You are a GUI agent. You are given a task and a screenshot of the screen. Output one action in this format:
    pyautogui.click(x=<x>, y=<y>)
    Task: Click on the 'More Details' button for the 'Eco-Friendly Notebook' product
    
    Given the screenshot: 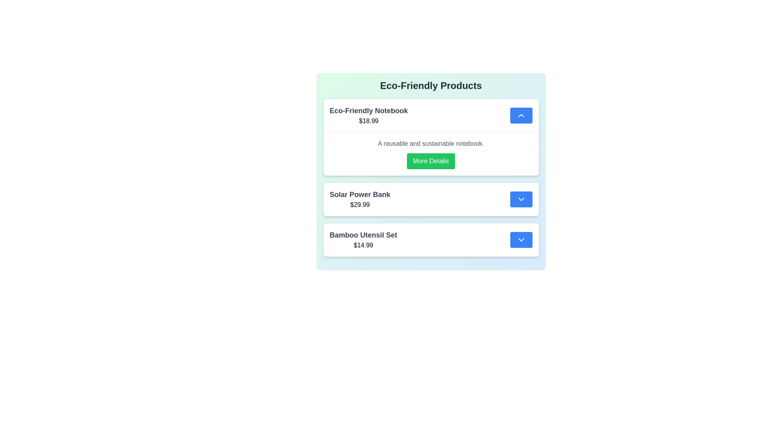 What is the action you would take?
    pyautogui.click(x=430, y=161)
    